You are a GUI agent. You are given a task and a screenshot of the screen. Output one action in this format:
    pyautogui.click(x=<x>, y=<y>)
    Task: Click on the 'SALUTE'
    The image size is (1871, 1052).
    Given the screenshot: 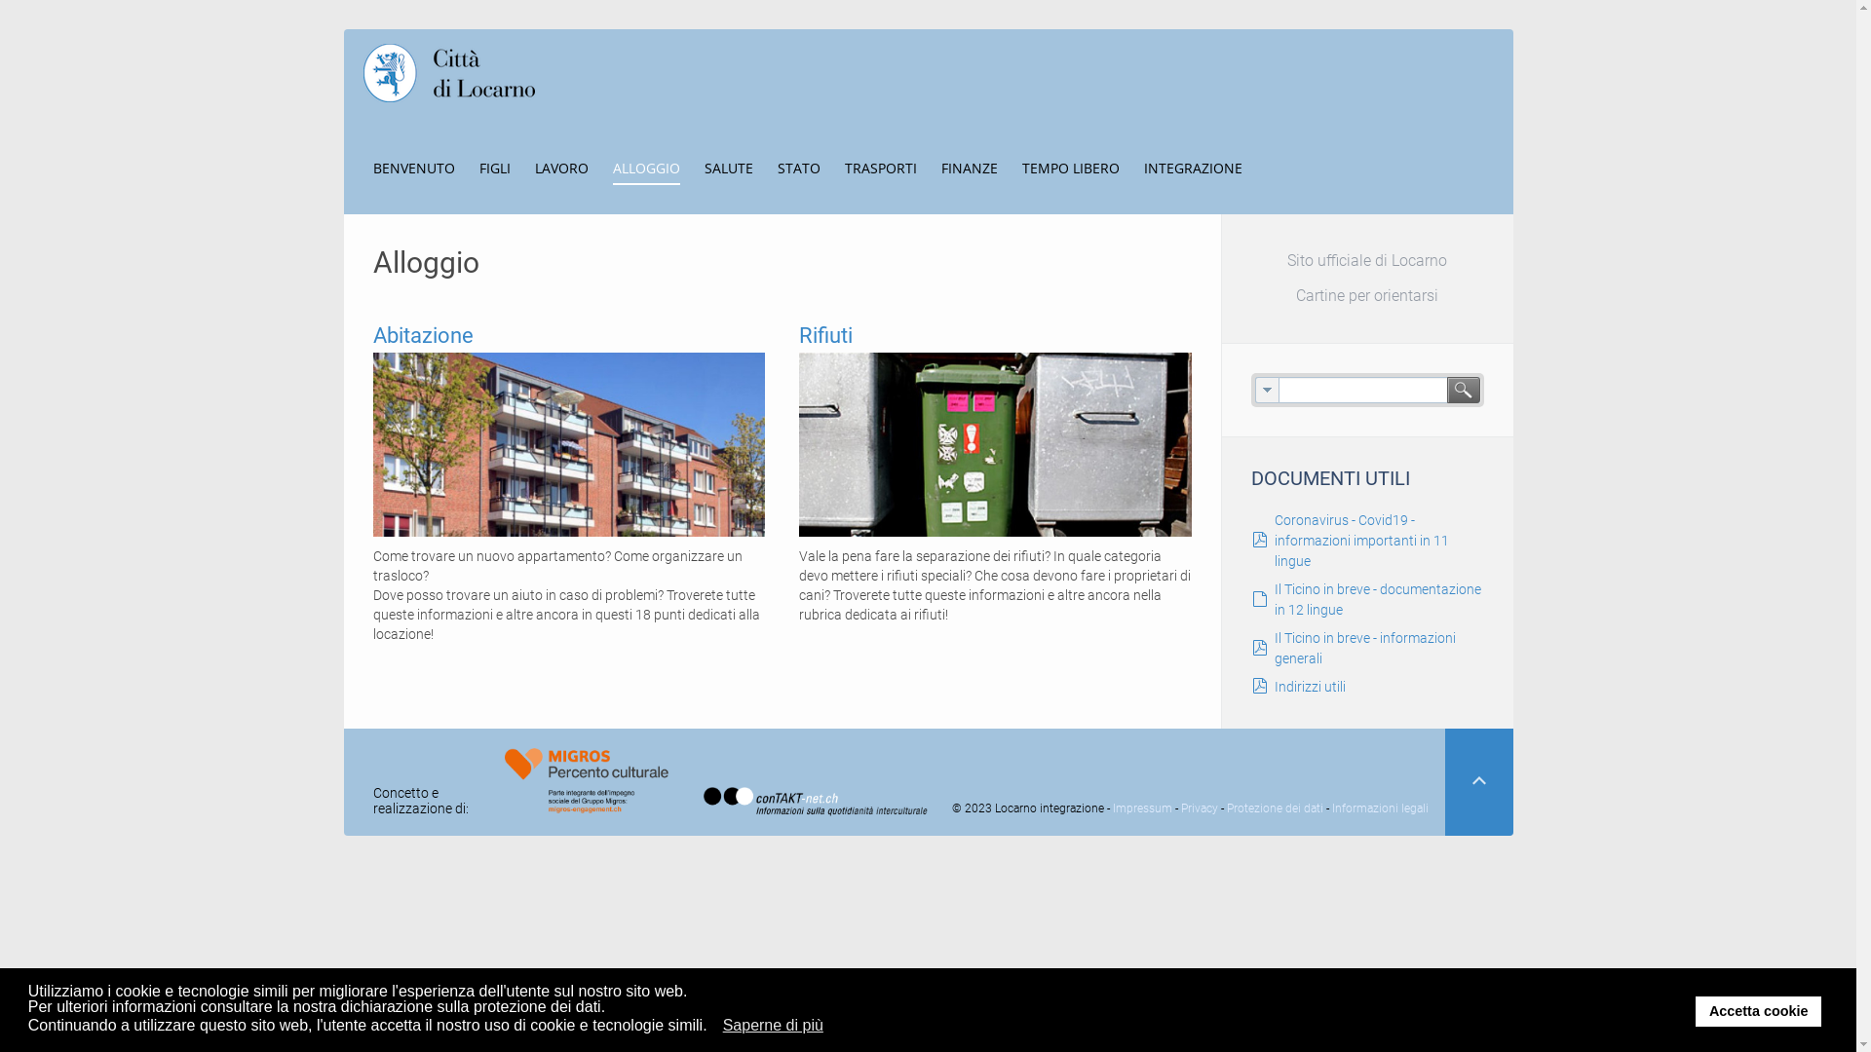 What is the action you would take?
    pyautogui.click(x=727, y=167)
    